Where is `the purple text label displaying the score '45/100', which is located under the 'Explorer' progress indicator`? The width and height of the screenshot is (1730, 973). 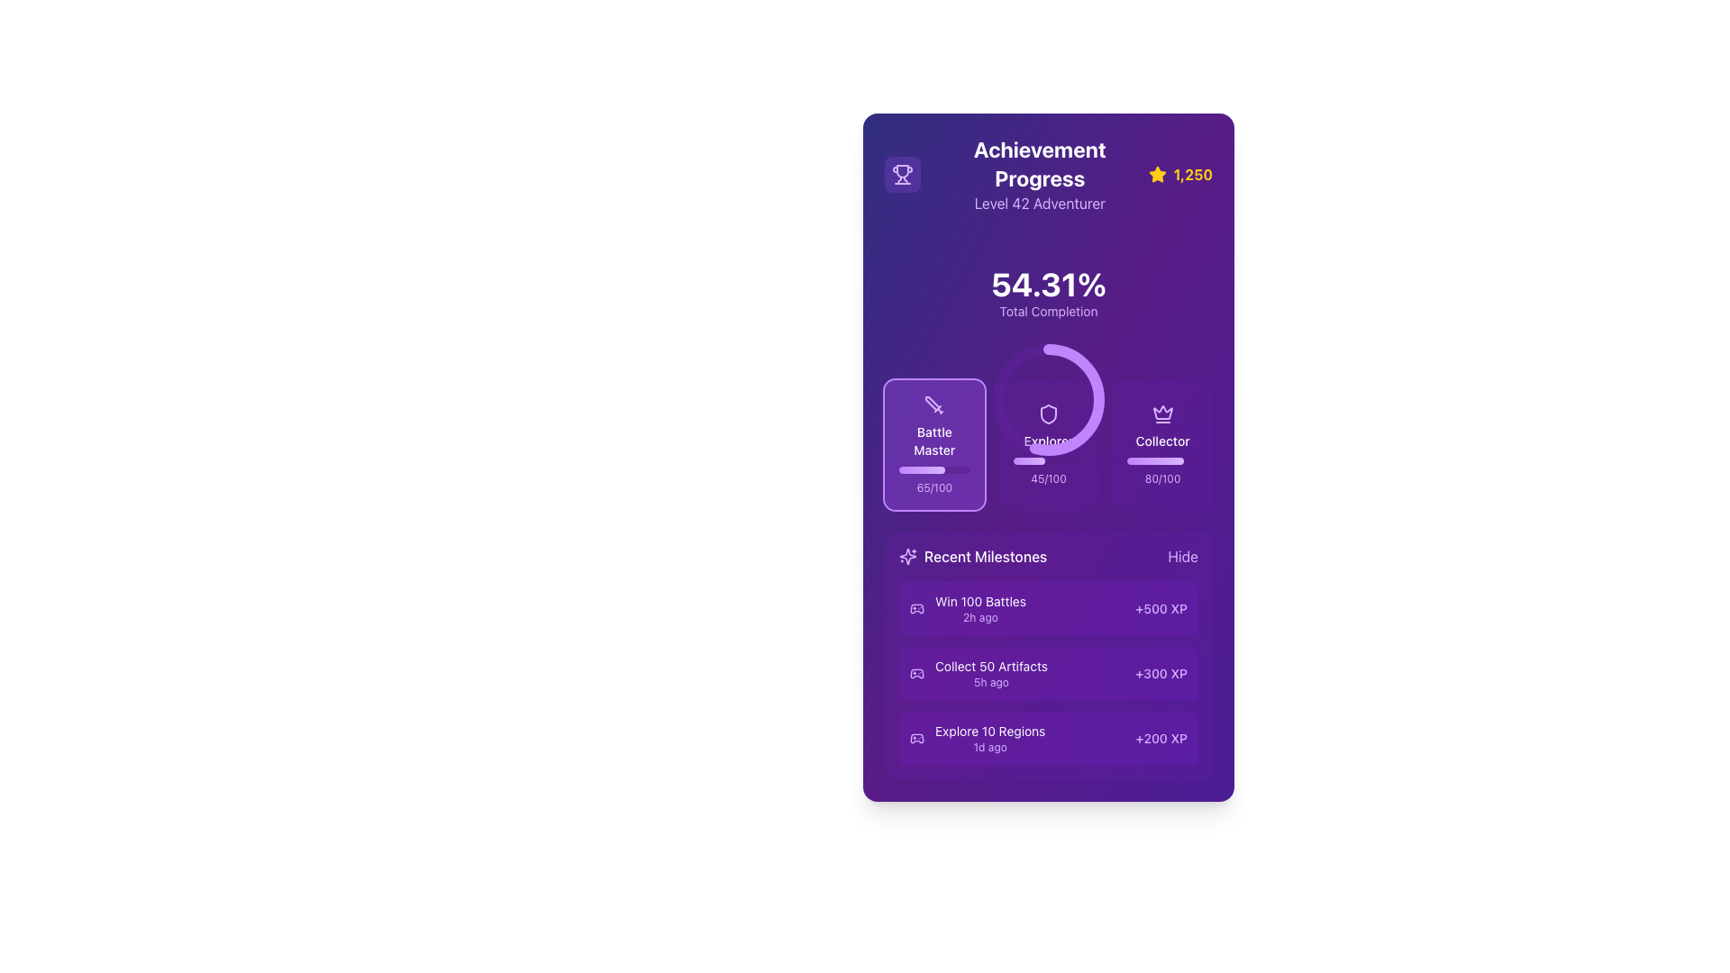
the purple text label displaying the score '45/100', which is located under the 'Explorer' progress indicator is located at coordinates (1048, 478).